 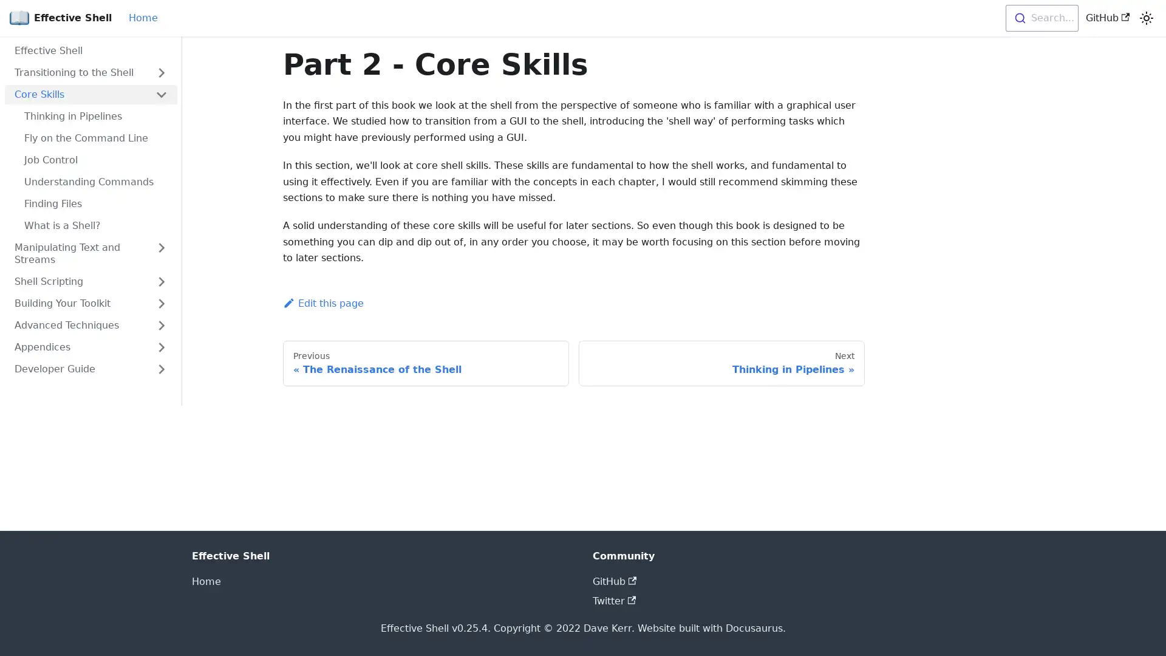 What do you see at coordinates (160, 94) in the screenshot?
I see `Toggle the collapsible sidebar category 'Core Skills'` at bounding box center [160, 94].